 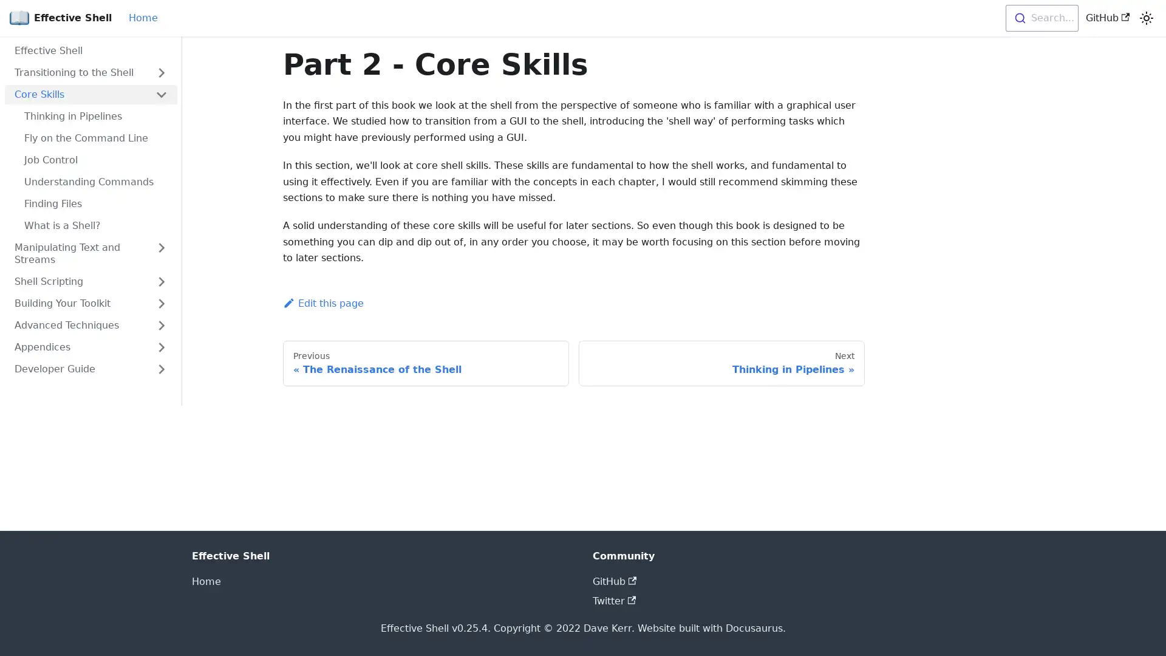 What do you see at coordinates (160, 94) in the screenshot?
I see `Toggle the collapsible sidebar category 'Core Skills'` at bounding box center [160, 94].